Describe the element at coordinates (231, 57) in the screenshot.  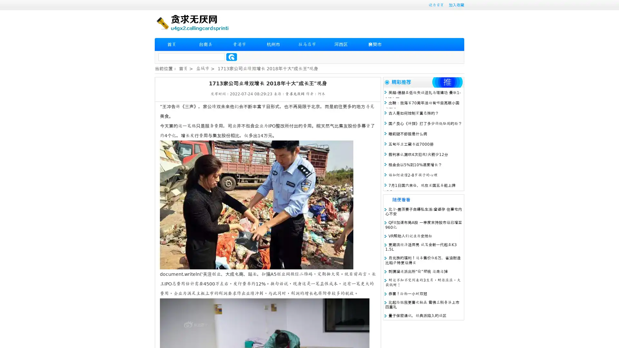
I see `Search` at that location.